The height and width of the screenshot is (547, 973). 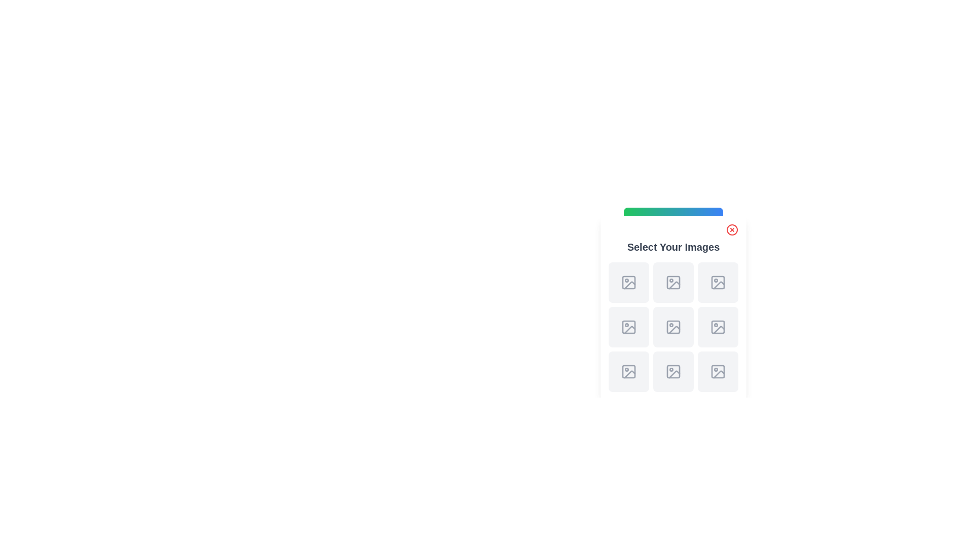 I want to click on the Background Frame located in the first row and second column of the image placeholders grid beneath the 'Select Your Images' header, so click(x=673, y=283).